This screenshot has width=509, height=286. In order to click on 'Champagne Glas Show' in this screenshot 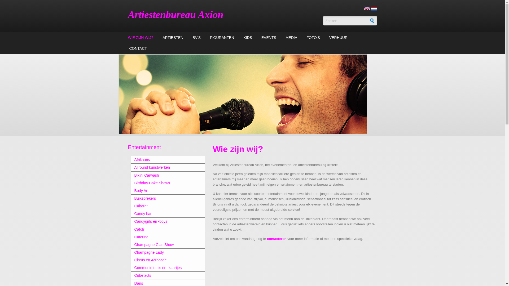, I will do `click(164, 245)`.